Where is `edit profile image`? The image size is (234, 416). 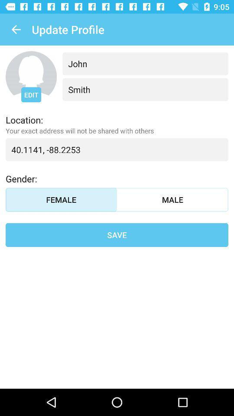
edit profile image is located at coordinates (31, 76).